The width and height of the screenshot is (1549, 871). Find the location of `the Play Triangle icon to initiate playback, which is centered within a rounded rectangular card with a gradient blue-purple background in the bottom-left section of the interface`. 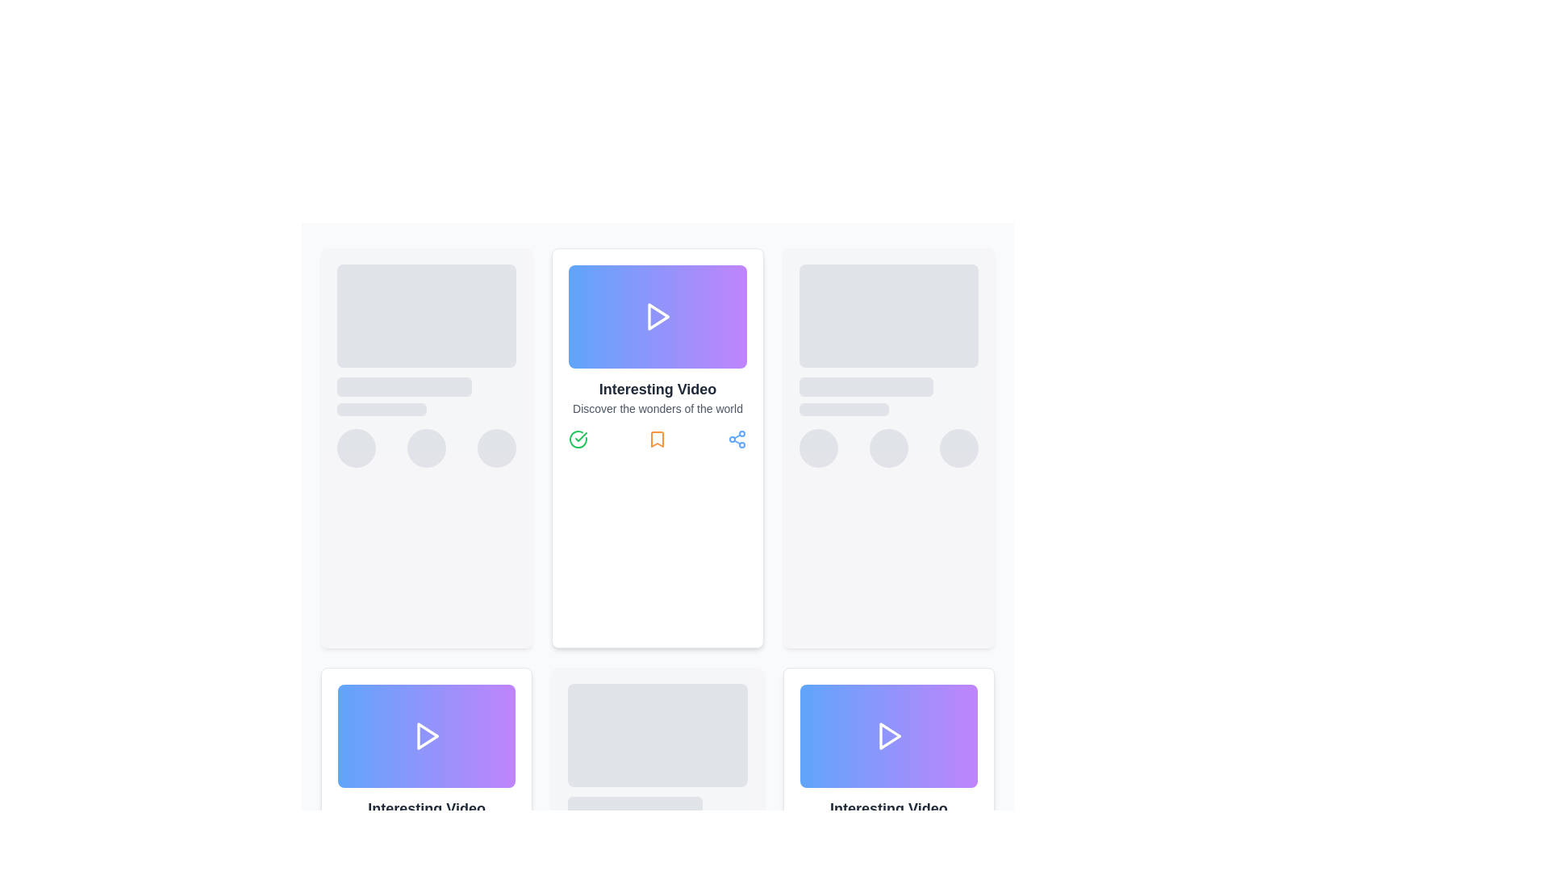

the Play Triangle icon to initiate playback, which is centered within a rounded rectangular card with a gradient blue-purple background in the bottom-left section of the interface is located at coordinates (427, 736).